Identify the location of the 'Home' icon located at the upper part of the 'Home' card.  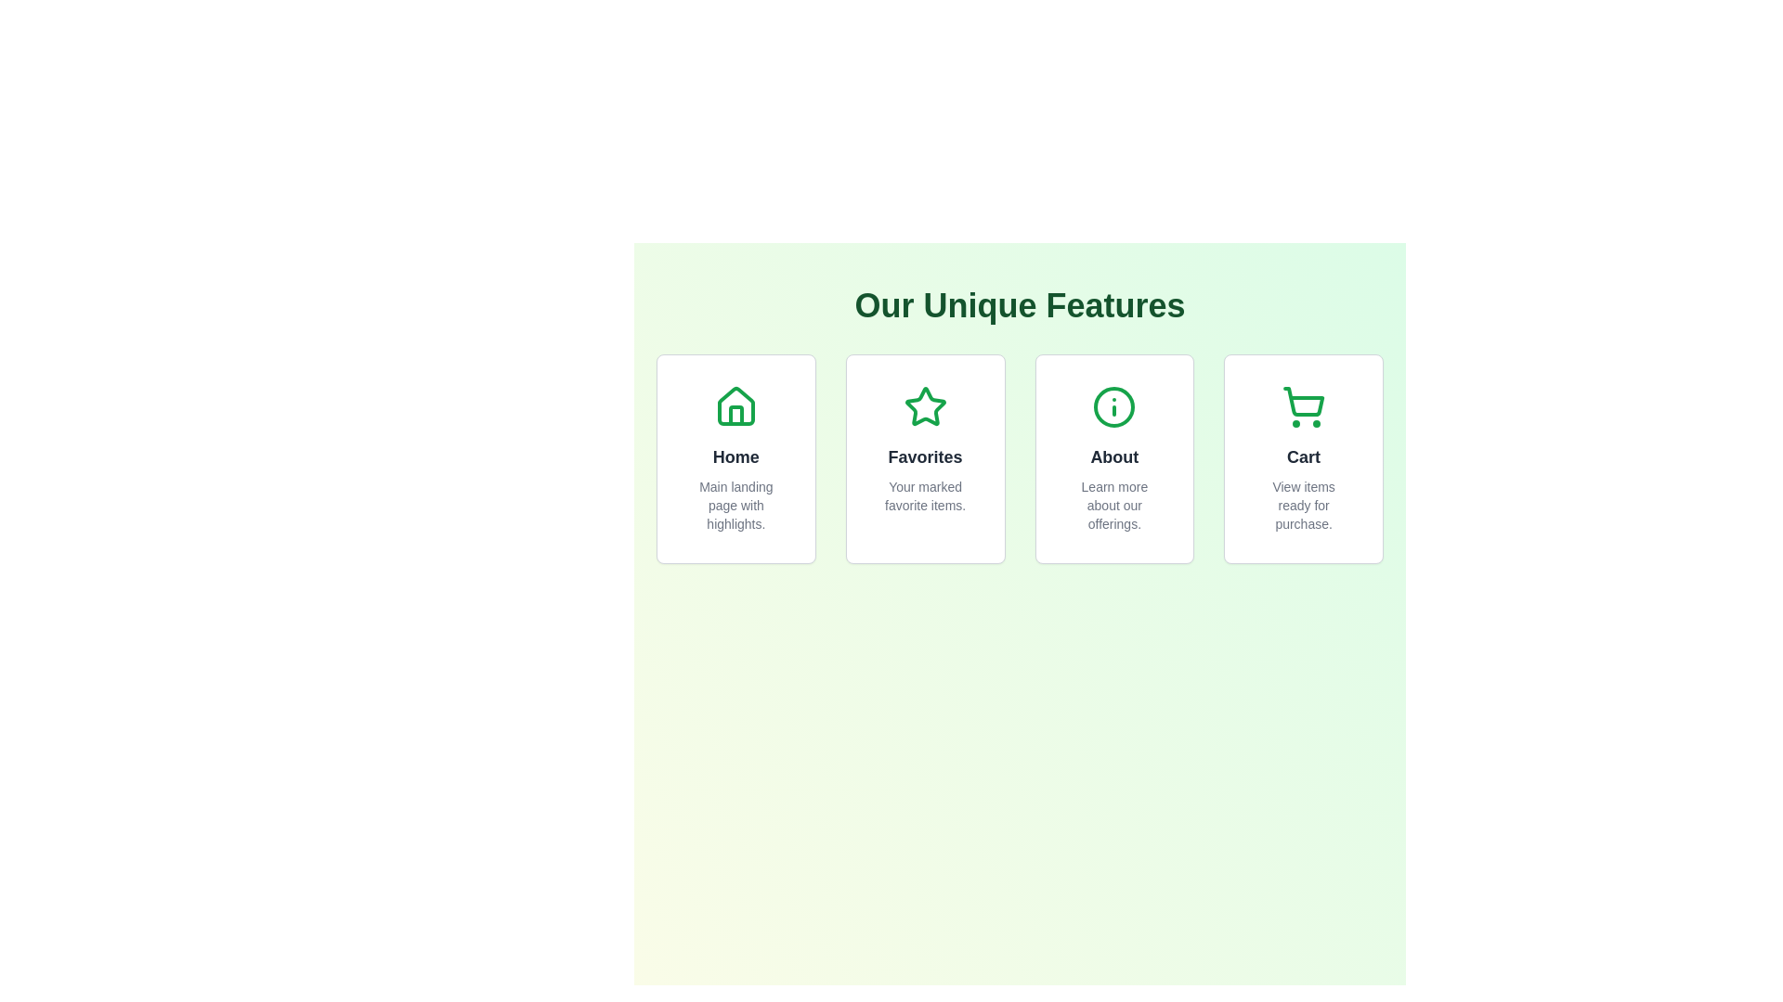
(735, 406).